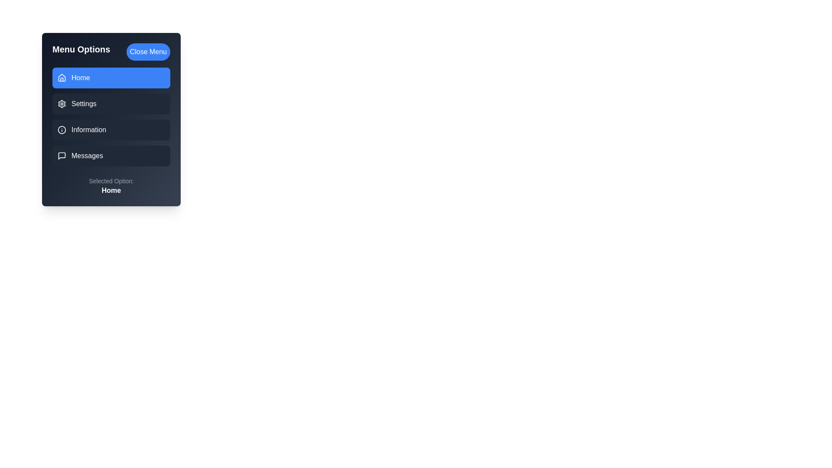 Image resolution: width=832 pixels, height=468 pixels. I want to click on the speech bubble icon in the 'Messages' menu item, which is styled with thin strokes and is part of a vertical menu list, so click(62, 155).